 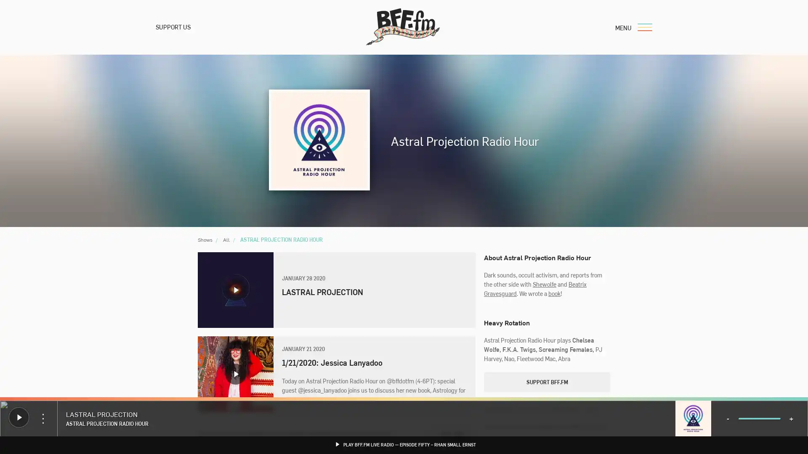 What do you see at coordinates (727, 418) in the screenshot?
I see `- Volume Down` at bounding box center [727, 418].